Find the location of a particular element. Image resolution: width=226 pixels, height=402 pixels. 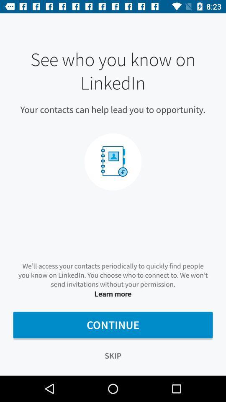

the item below continue icon is located at coordinates (113, 355).